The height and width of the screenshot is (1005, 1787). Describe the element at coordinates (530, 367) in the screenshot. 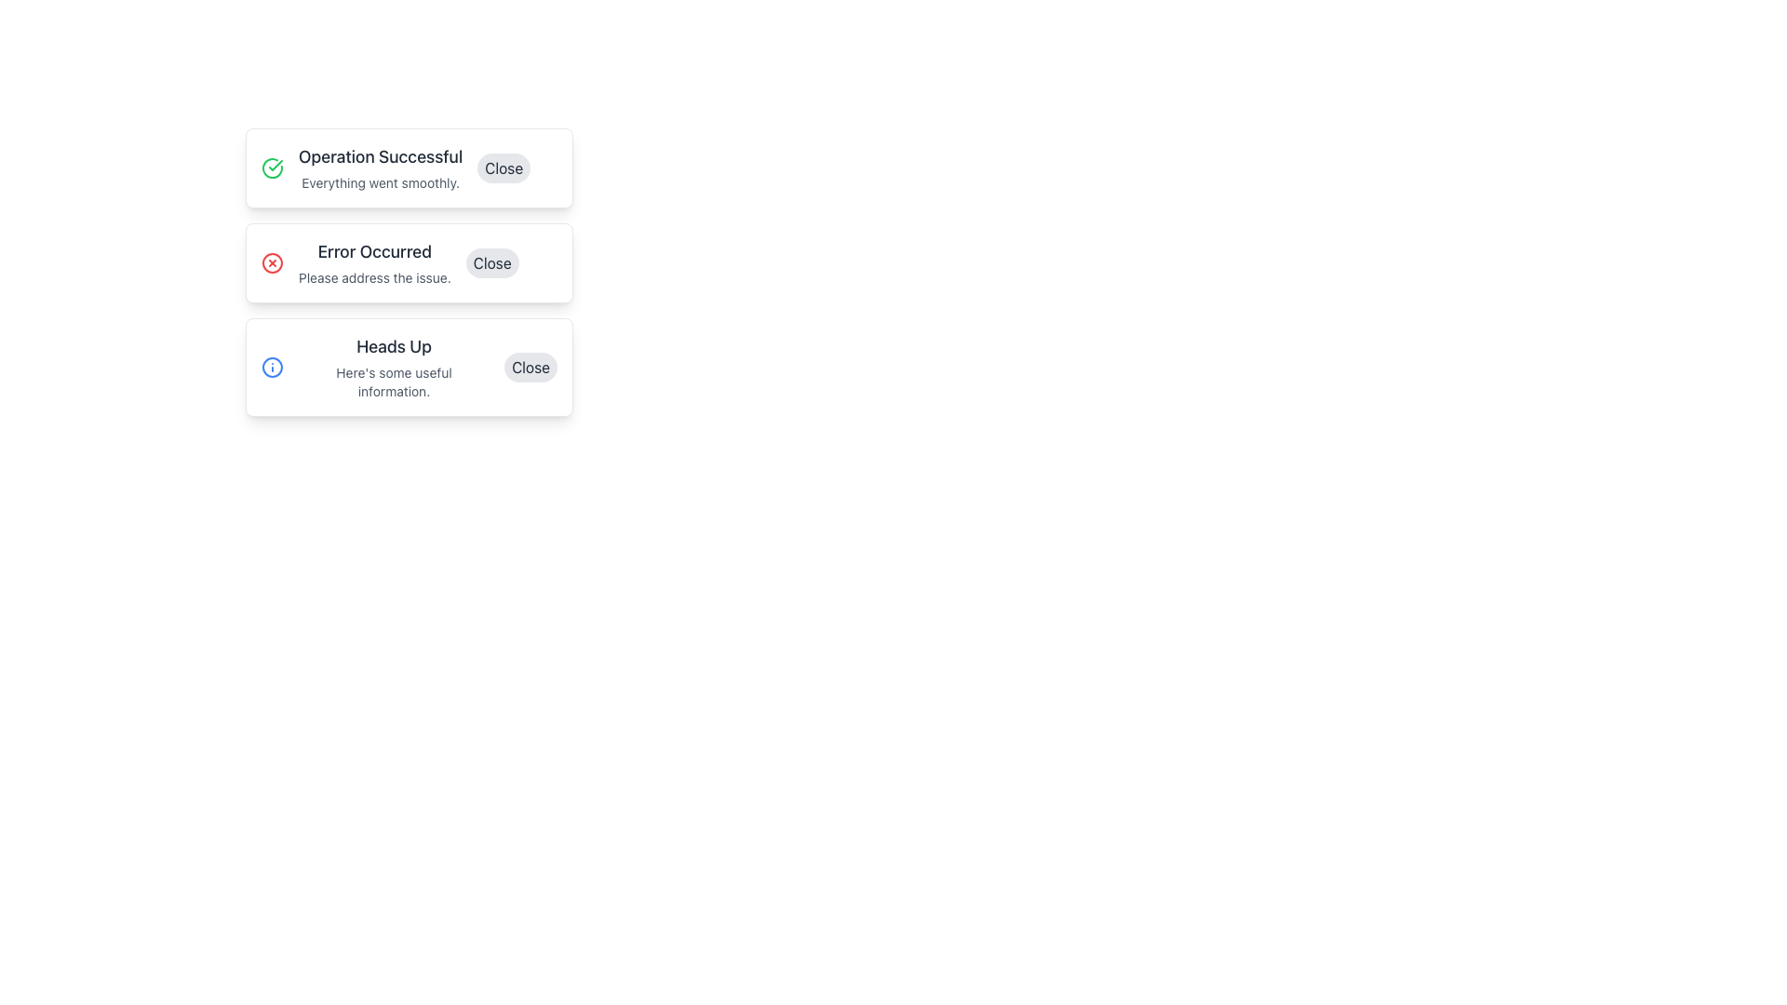

I see `the 'Close' button located at the rightmost end of the notification box with the header 'Heads Up' to observe the color change effect` at that location.